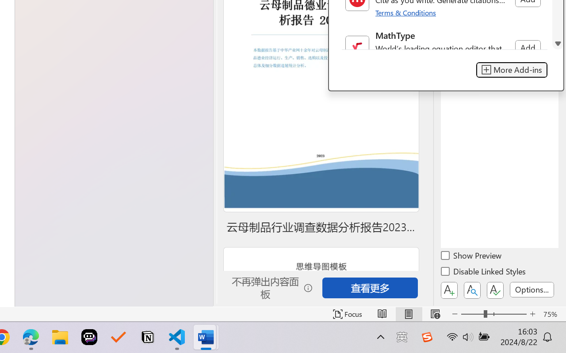 The image size is (566, 353). I want to click on 'Line down', so click(558, 44).